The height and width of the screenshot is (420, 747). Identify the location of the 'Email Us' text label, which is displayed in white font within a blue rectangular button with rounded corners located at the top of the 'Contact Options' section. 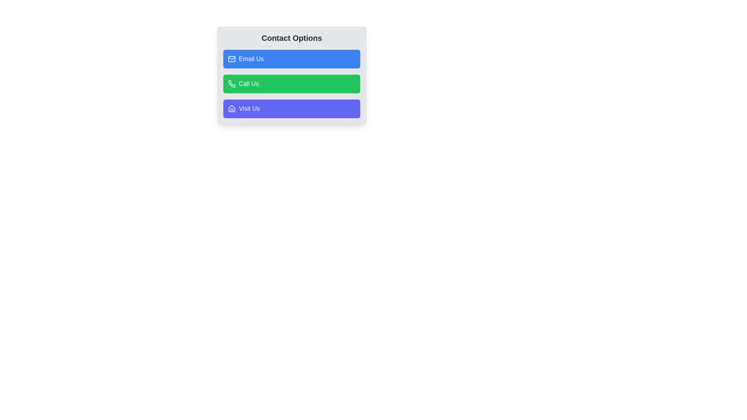
(251, 58).